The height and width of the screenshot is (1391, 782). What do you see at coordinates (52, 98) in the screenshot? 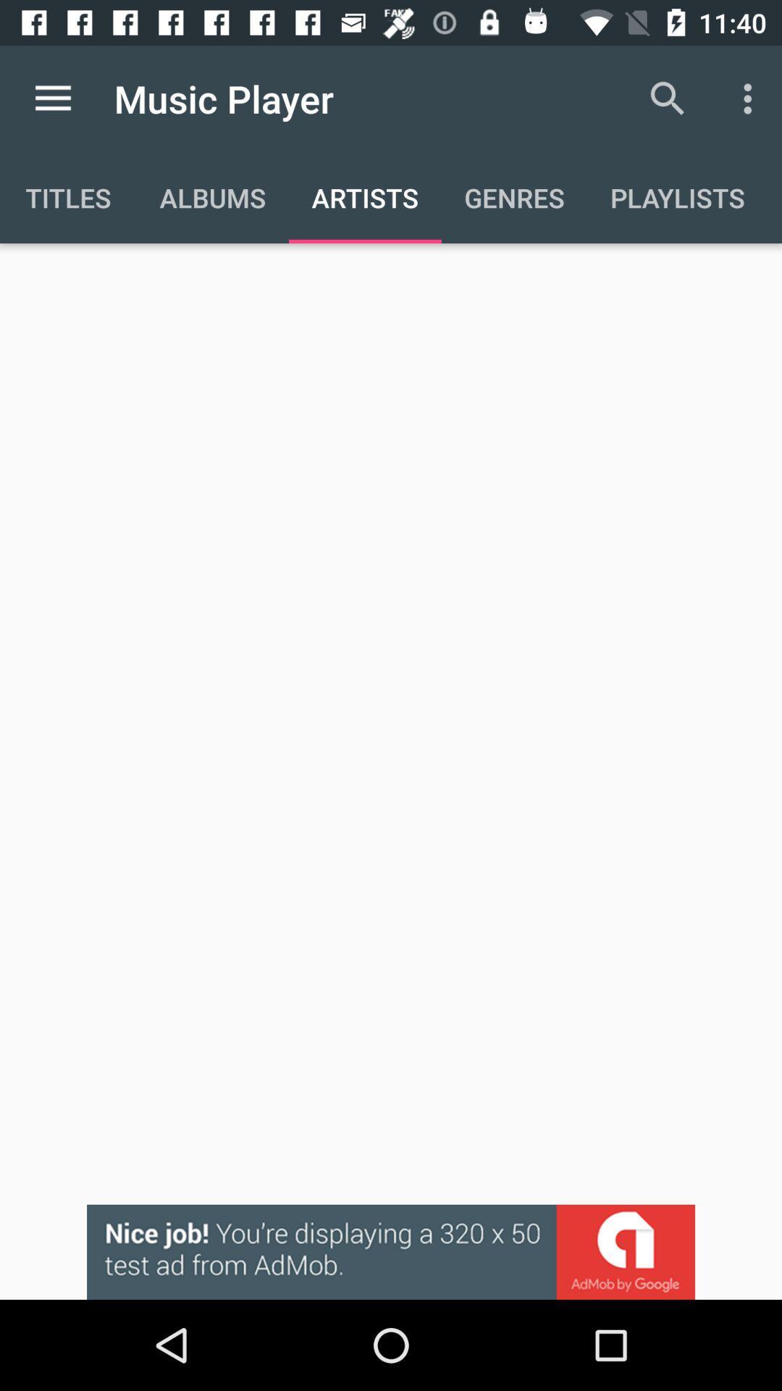
I see `home page` at bounding box center [52, 98].